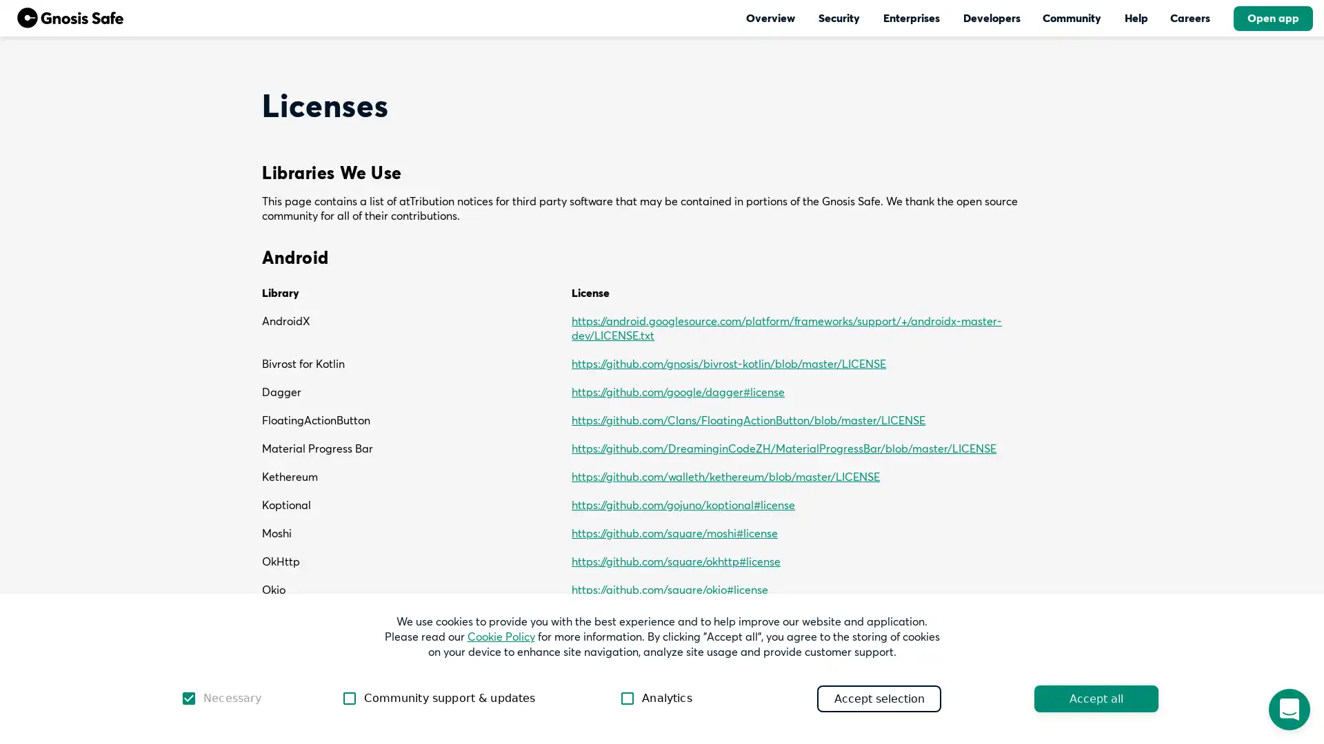 The height and width of the screenshot is (744, 1324). What do you see at coordinates (879, 698) in the screenshot?
I see `Accept selection` at bounding box center [879, 698].